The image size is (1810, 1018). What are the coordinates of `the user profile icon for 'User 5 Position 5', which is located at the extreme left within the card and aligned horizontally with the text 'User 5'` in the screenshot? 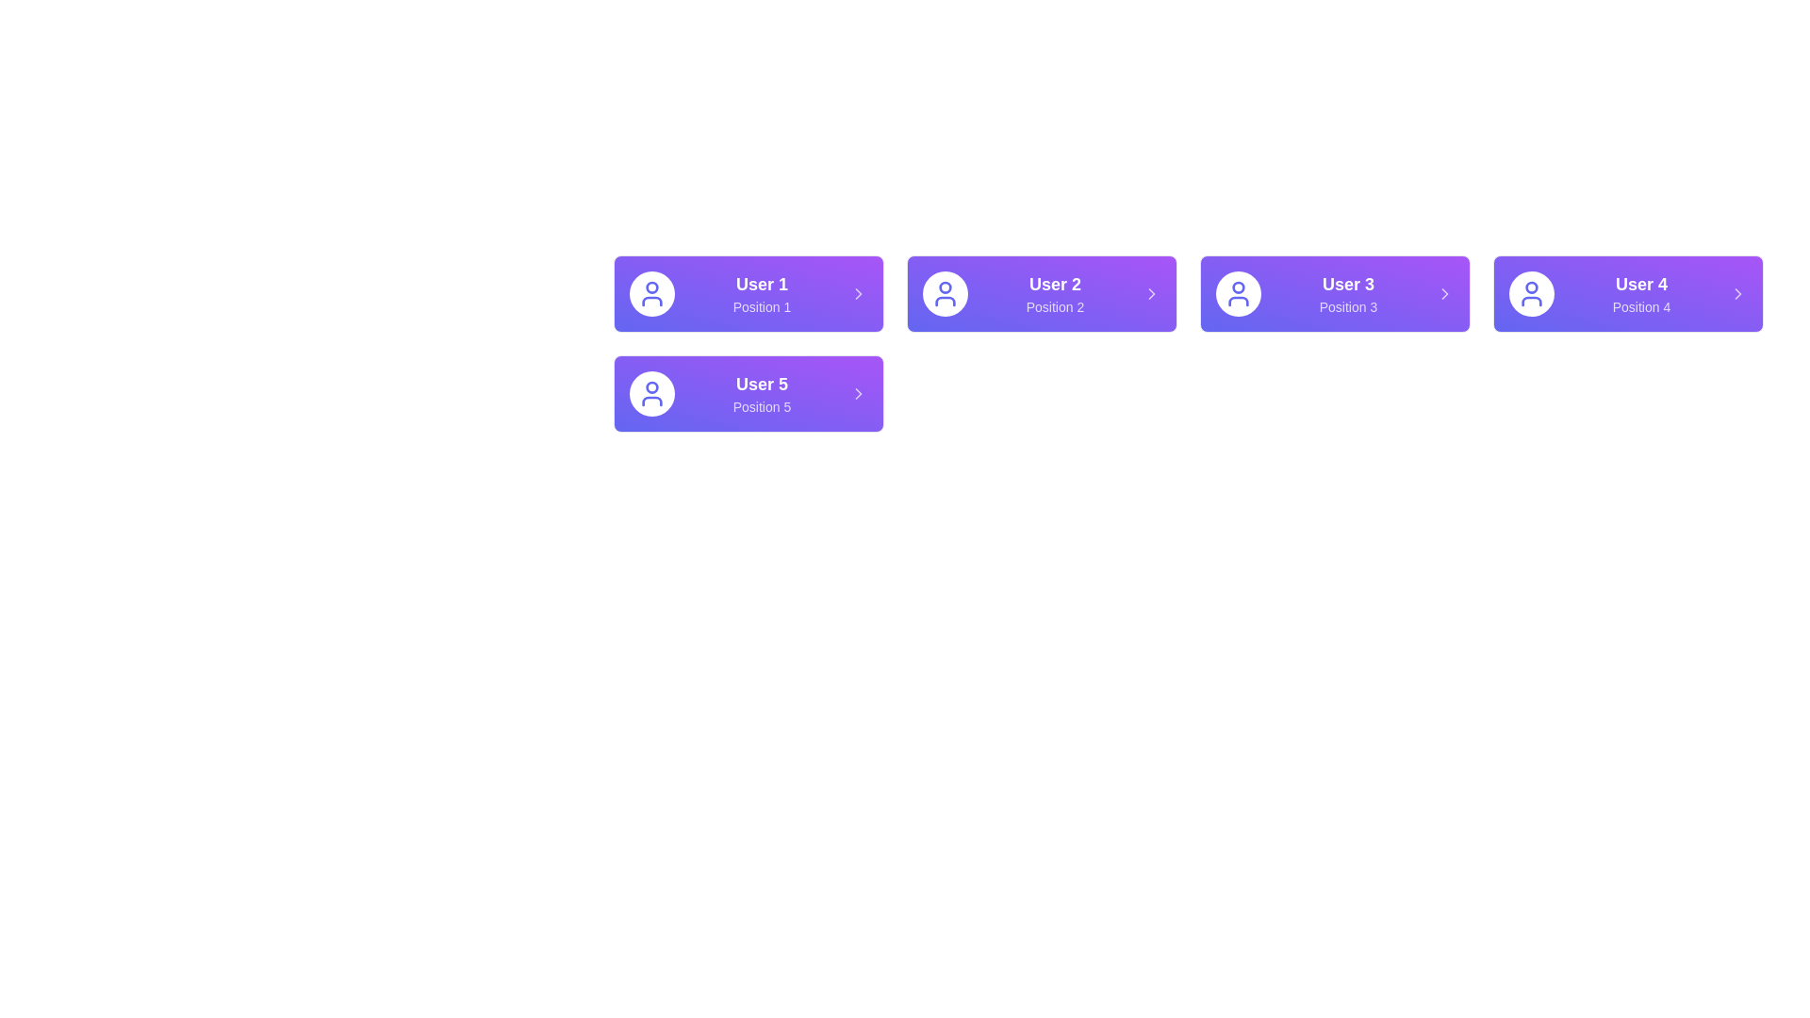 It's located at (651, 392).